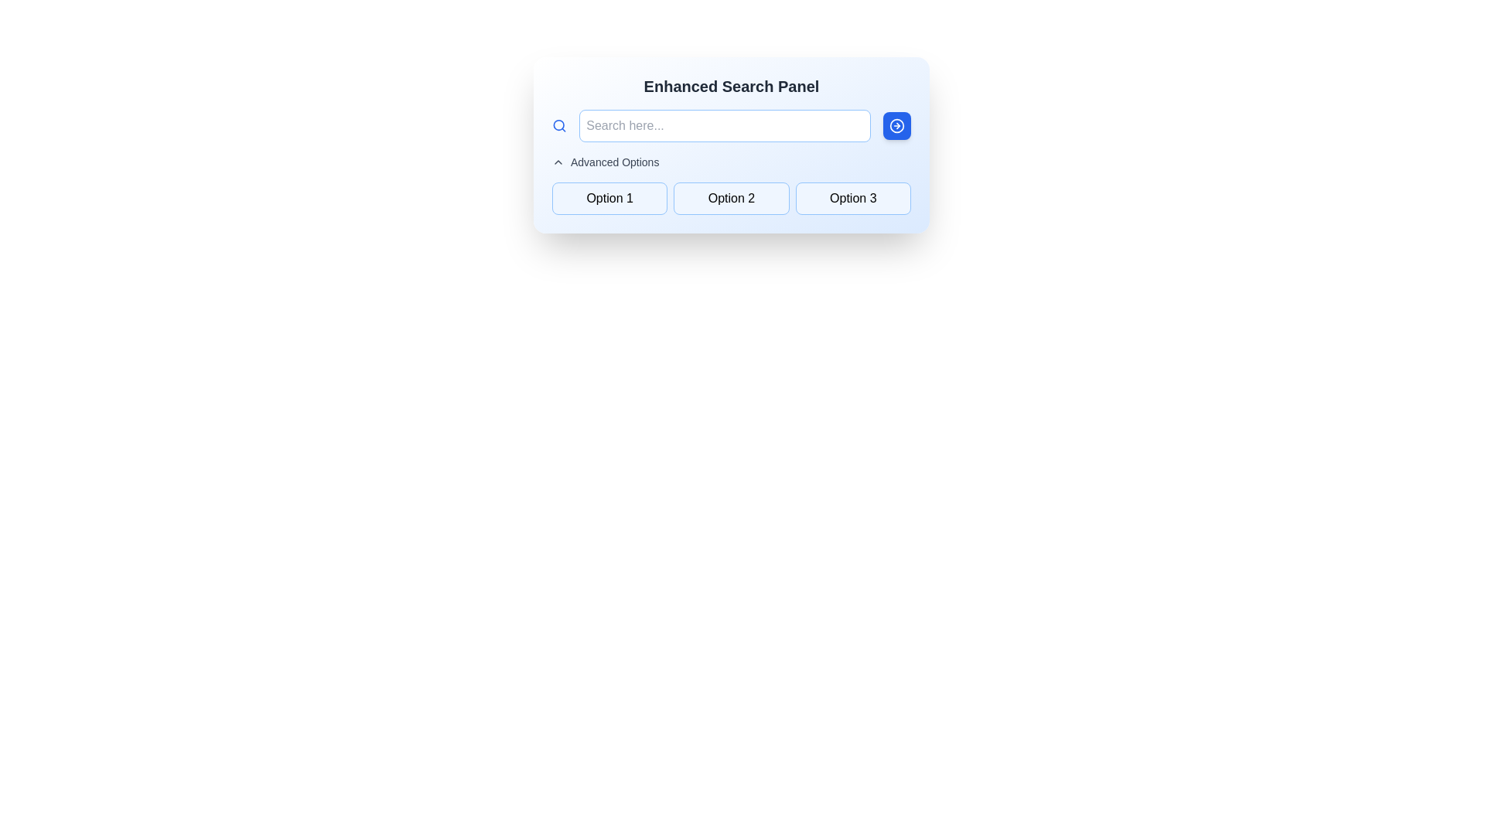 The height and width of the screenshot is (835, 1485). Describe the element at coordinates (558, 124) in the screenshot. I see `the search icon located to the left of the 'Search here...' input field` at that location.